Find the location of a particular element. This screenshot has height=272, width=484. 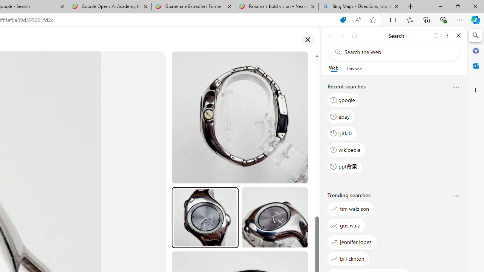

'Close image gallery dialog' is located at coordinates (307, 39).